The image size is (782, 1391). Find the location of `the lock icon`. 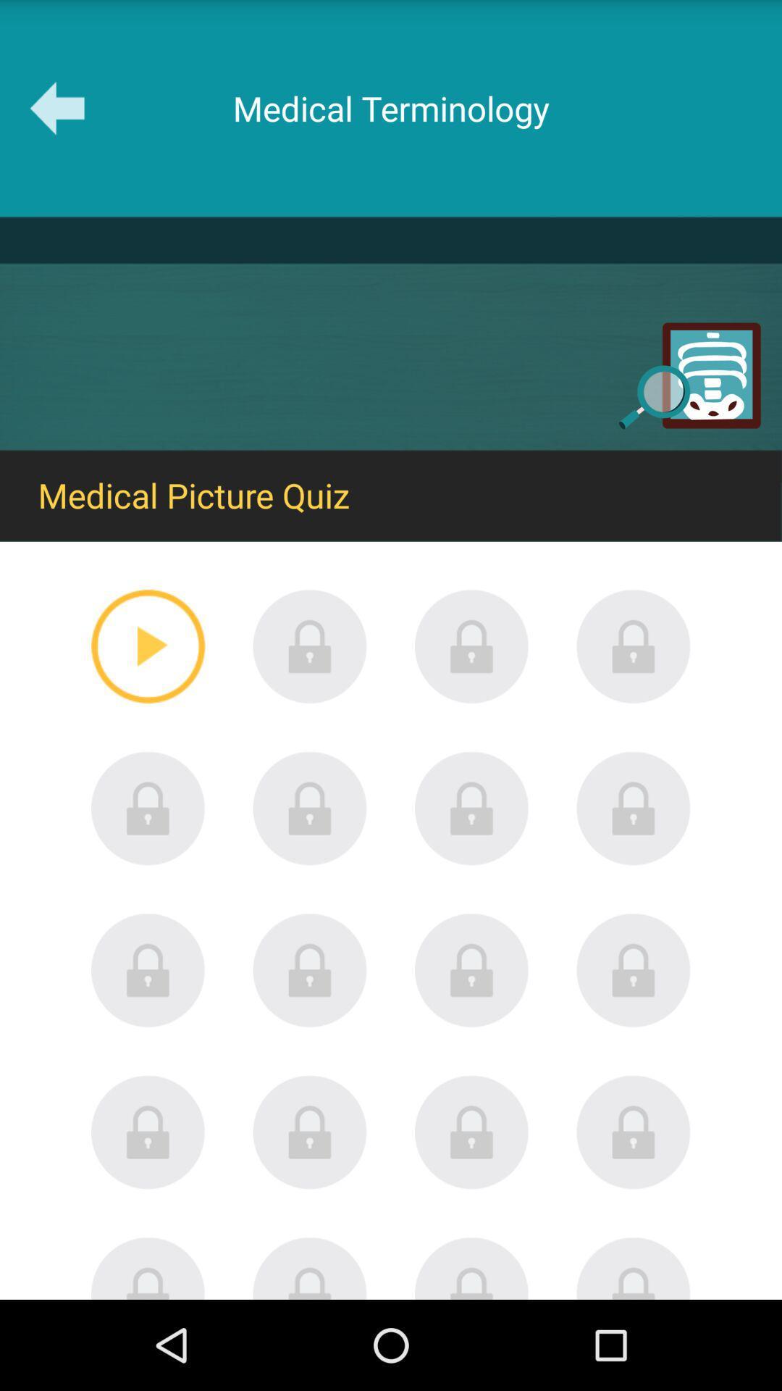

the lock icon is located at coordinates (471, 1037).